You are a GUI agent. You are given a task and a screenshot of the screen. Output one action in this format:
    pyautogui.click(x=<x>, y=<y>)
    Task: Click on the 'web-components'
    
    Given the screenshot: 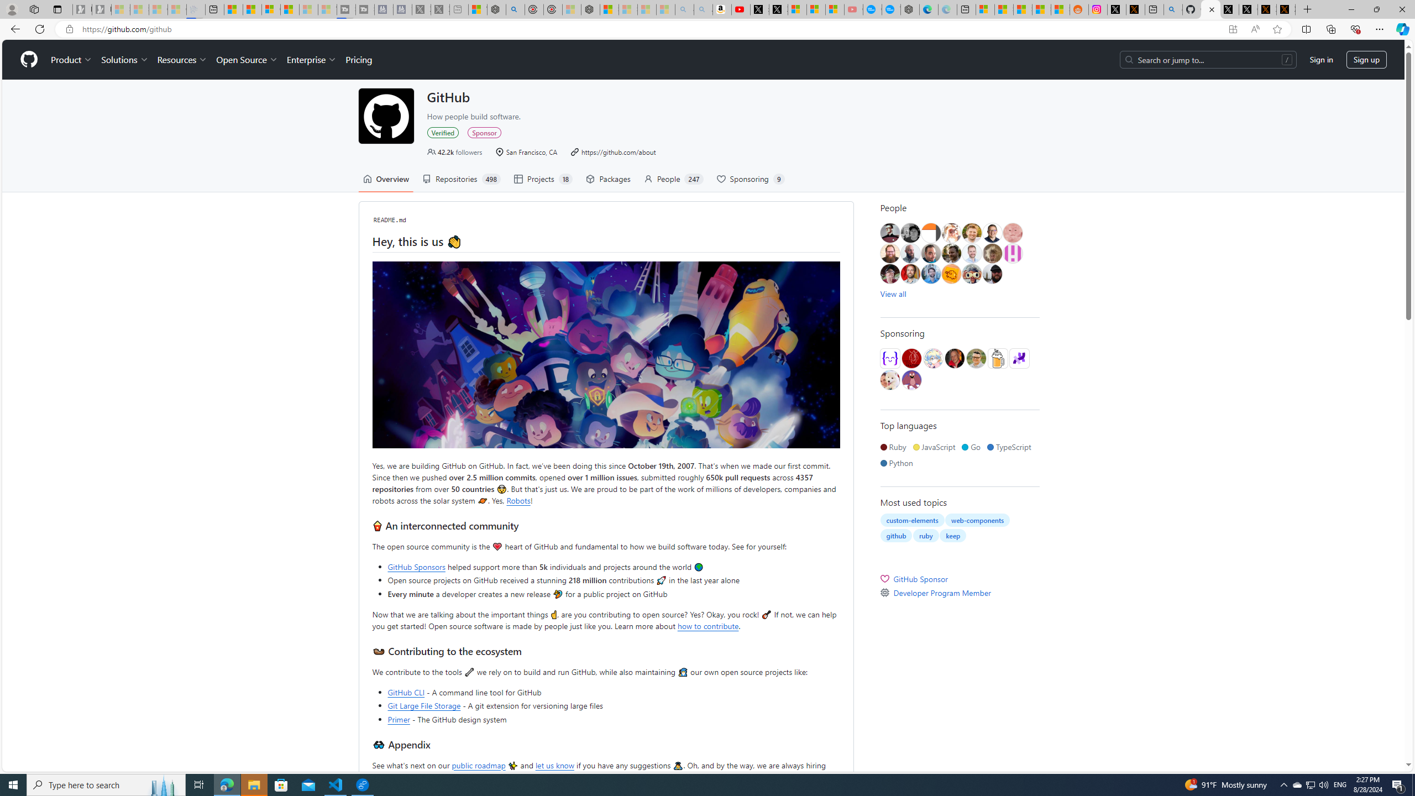 What is the action you would take?
    pyautogui.click(x=977, y=520)
    